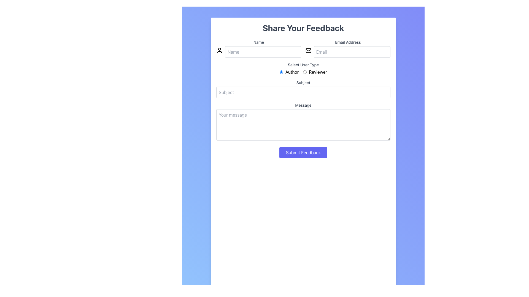  I want to click on the label associated with the radio button for selecting the 'Author' user type, positioned to the right of the radio button under the 'Select User Type' heading, so click(289, 72).